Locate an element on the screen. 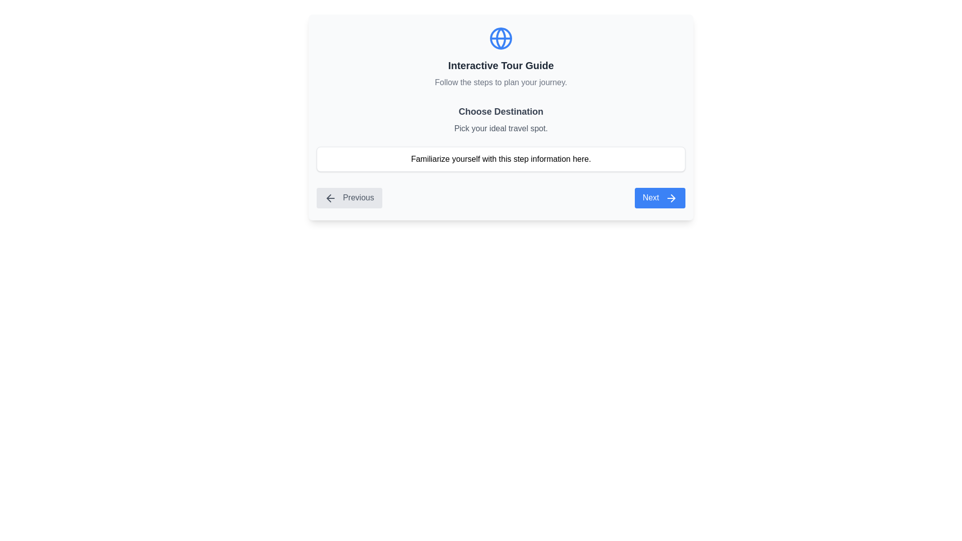 The width and height of the screenshot is (962, 541). the circular vector graphic within the globe icon located at the top-center of the layout, enhancing the thematic presentation of the interface is located at coordinates (501, 38).